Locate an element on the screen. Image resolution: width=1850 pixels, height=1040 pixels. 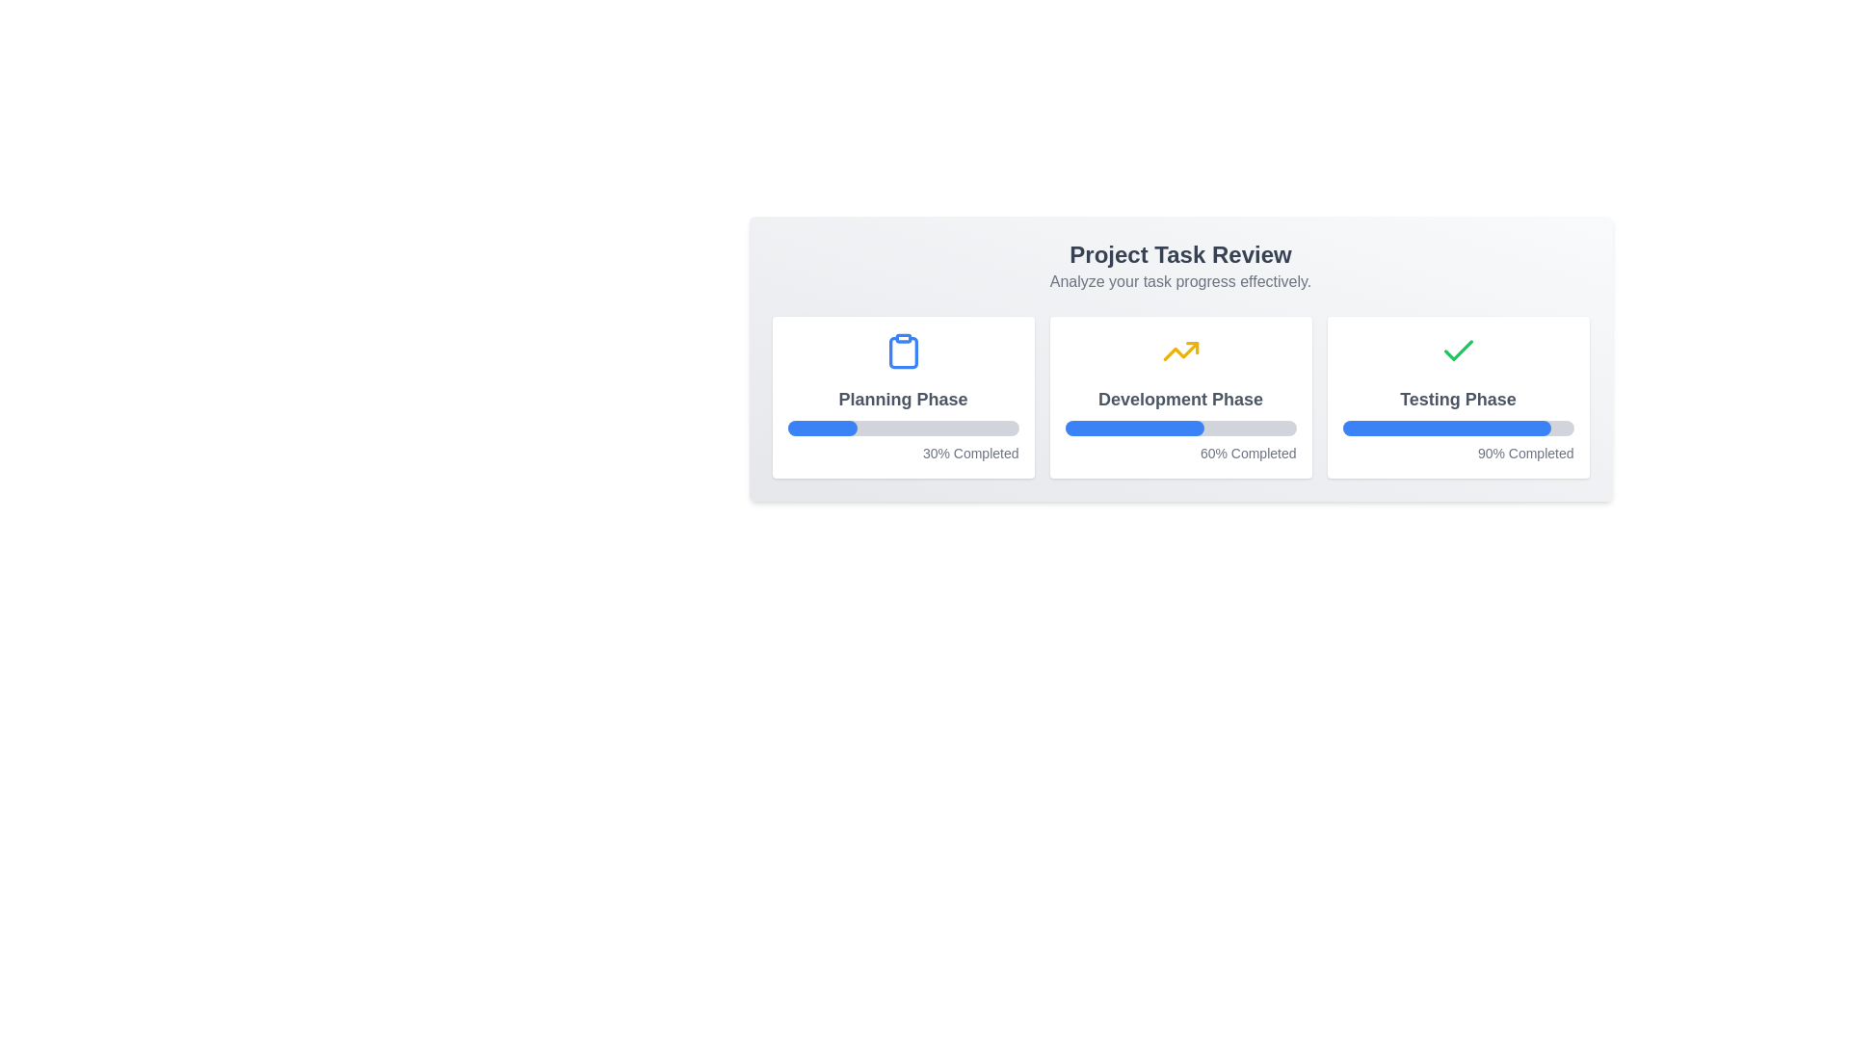
progress bar located below the 'Planning Phase' text and above the '30% Completed' label within the leftmost card, which has a gray background and a blue-filled section indicating 30% completion is located at coordinates (902, 427).